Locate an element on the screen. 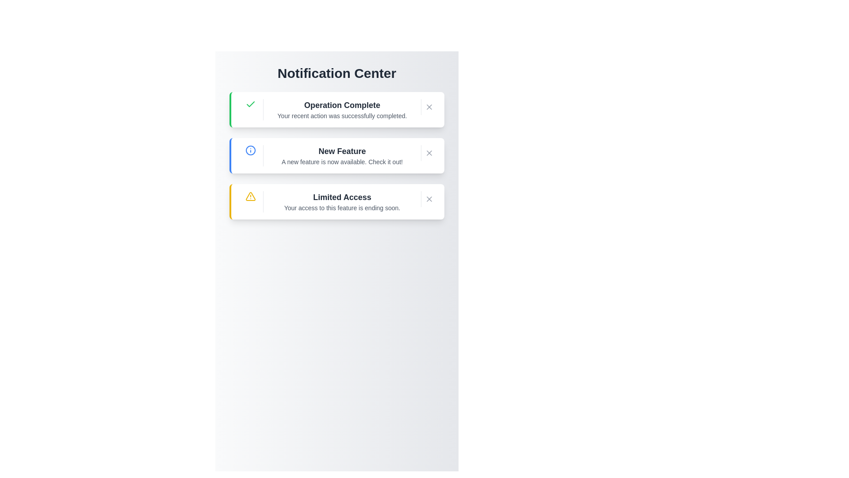 The width and height of the screenshot is (849, 478). the informational icon located on the left side of the 'New Feature' notification panel in the second row of the Notification Center list is located at coordinates (250, 150).